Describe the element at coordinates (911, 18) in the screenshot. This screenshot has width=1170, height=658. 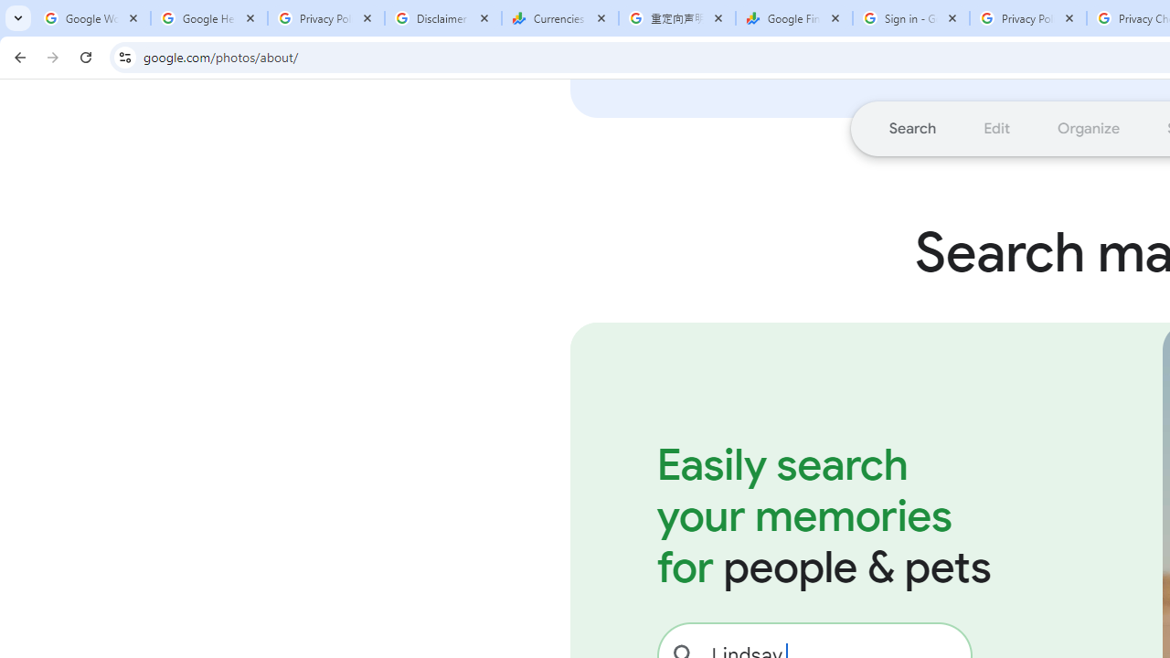
I see `'Sign in - Google Accounts'` at that location.